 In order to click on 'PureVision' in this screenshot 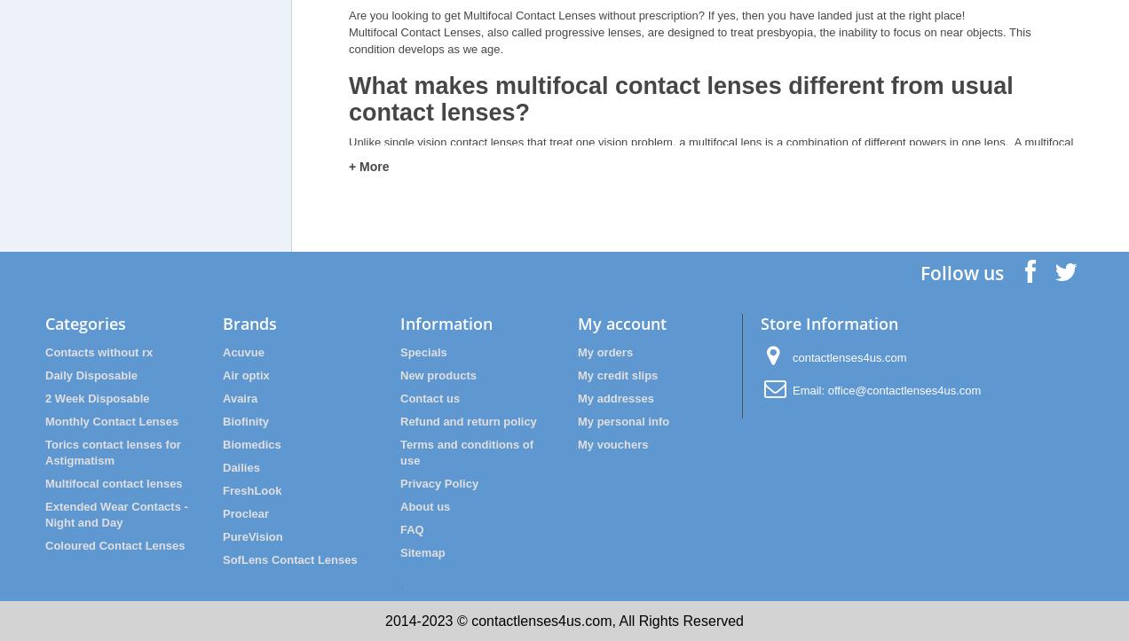, I will do `click(252, 535)`.